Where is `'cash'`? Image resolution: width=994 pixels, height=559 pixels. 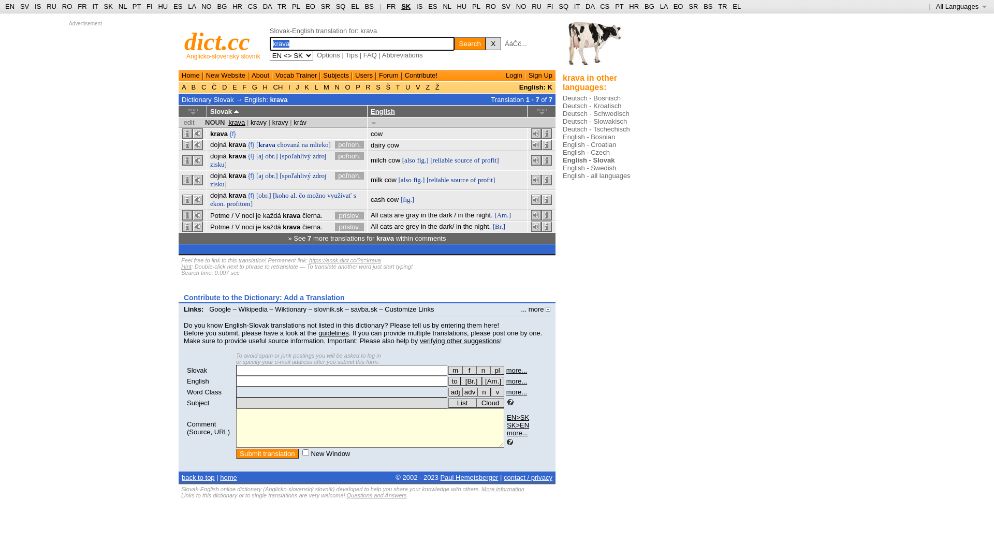 'cash' is located at coordinates (377, 199).